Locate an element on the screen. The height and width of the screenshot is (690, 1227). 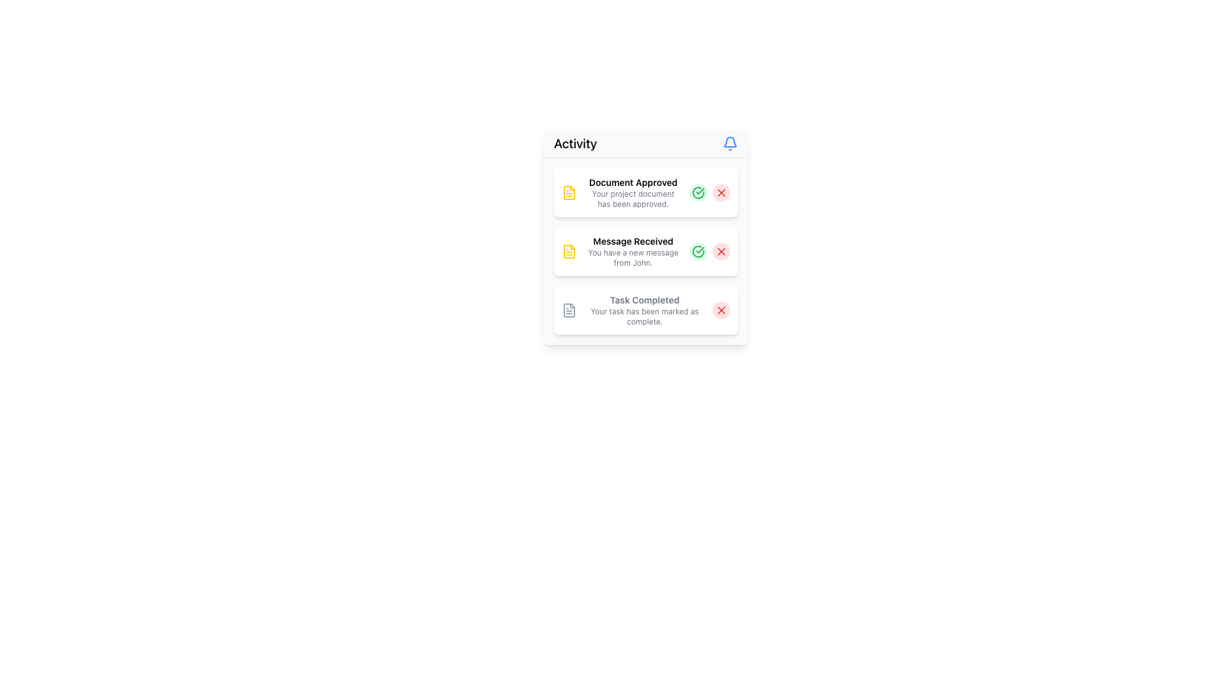
the document file icon with a white body and yellow outline located next to the 'Document Approved' label in the upper section of the activity list is located at coordinates (569, 192).